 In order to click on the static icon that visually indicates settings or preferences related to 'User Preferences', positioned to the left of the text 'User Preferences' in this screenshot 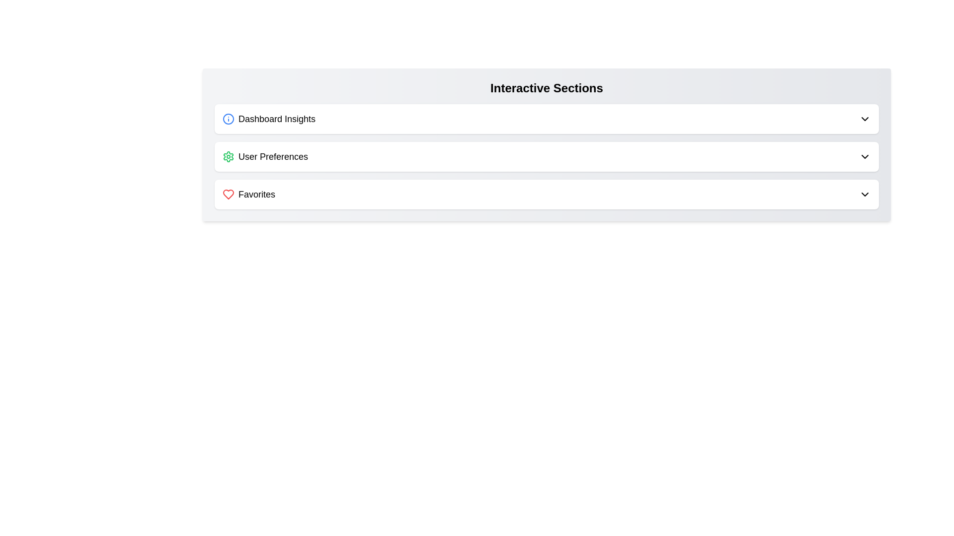, I will do `click(228, 156)`.